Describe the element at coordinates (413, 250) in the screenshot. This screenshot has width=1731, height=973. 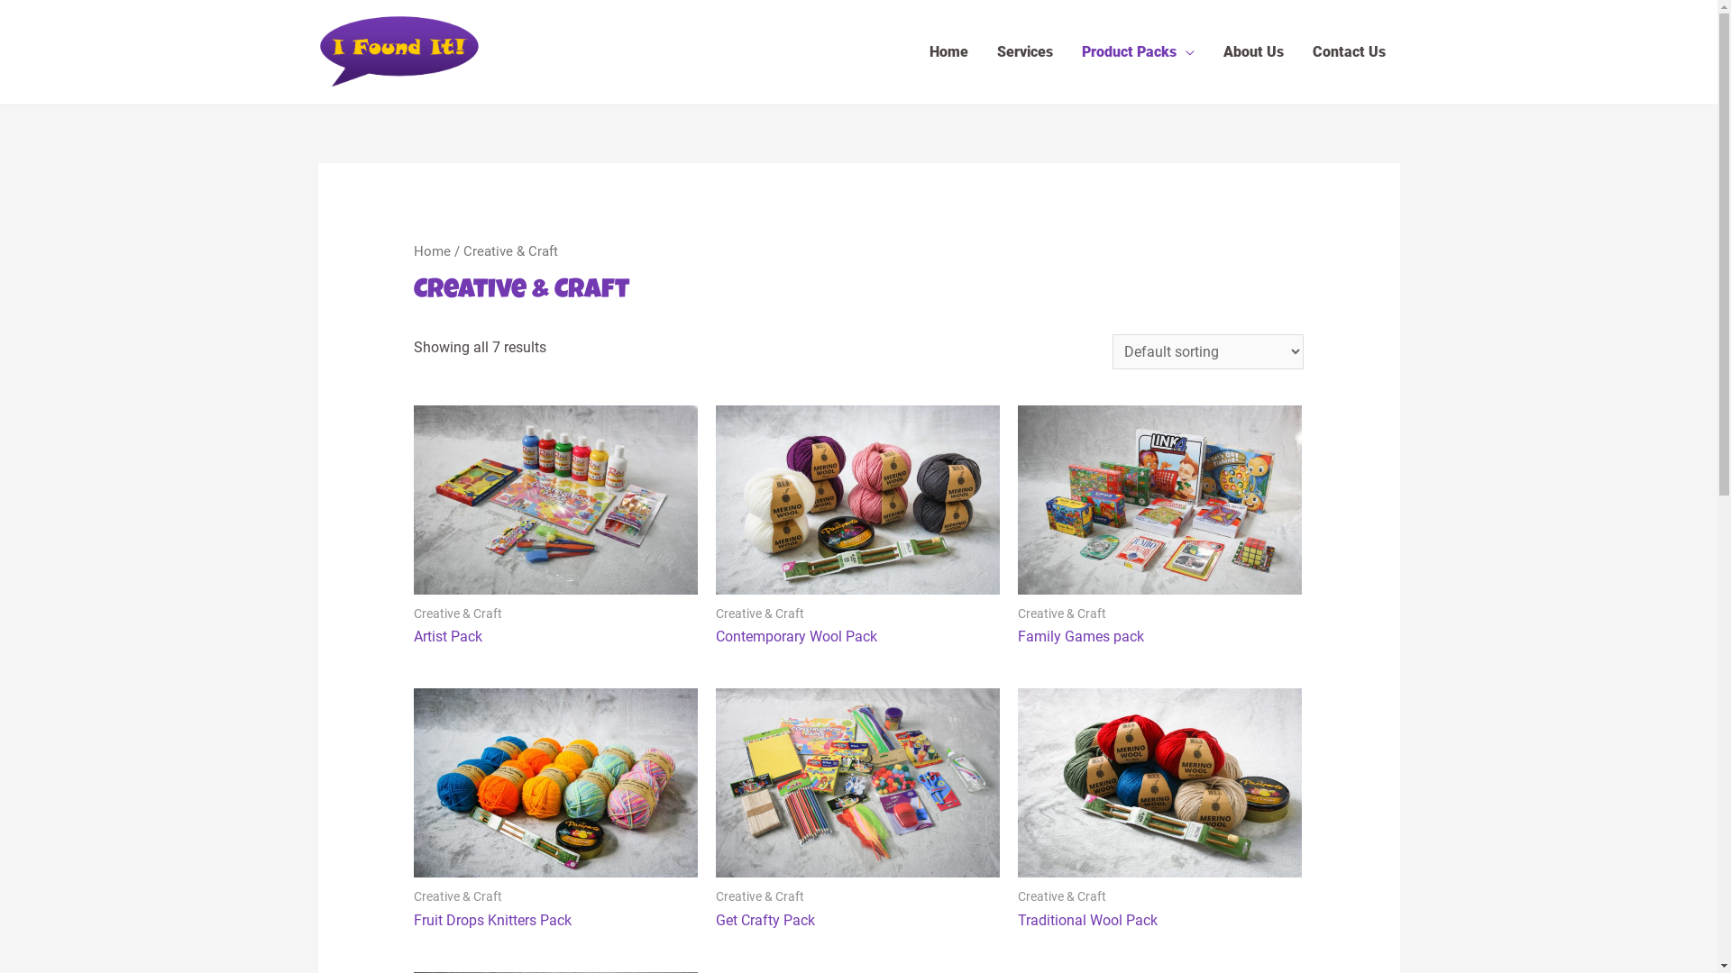
I see `'Home'` at that location.